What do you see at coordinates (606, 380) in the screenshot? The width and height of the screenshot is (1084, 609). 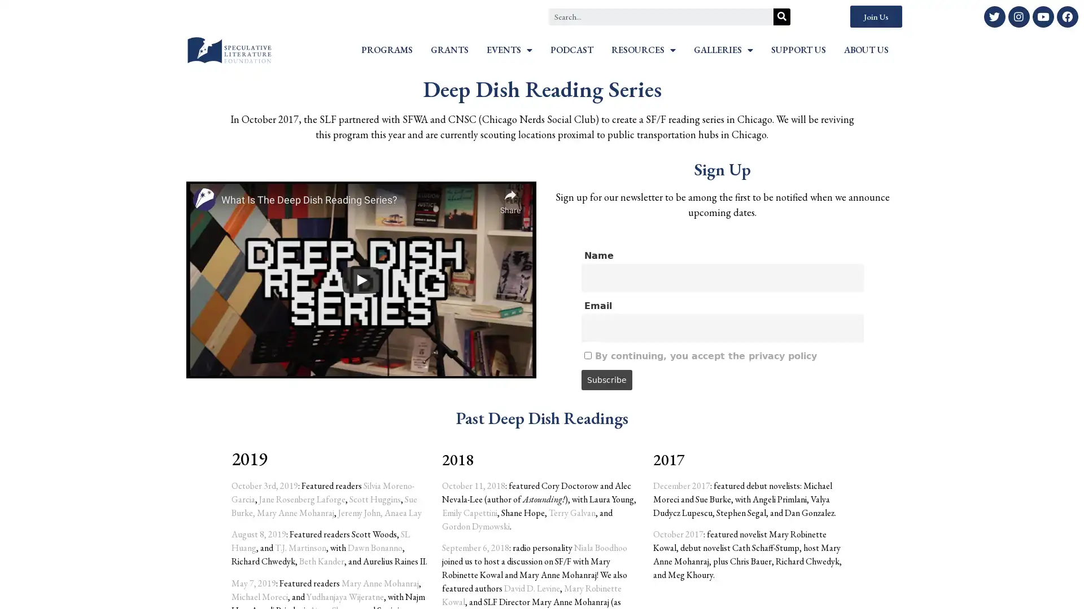 I see `Subscribe` at bounding box center [606, 380].